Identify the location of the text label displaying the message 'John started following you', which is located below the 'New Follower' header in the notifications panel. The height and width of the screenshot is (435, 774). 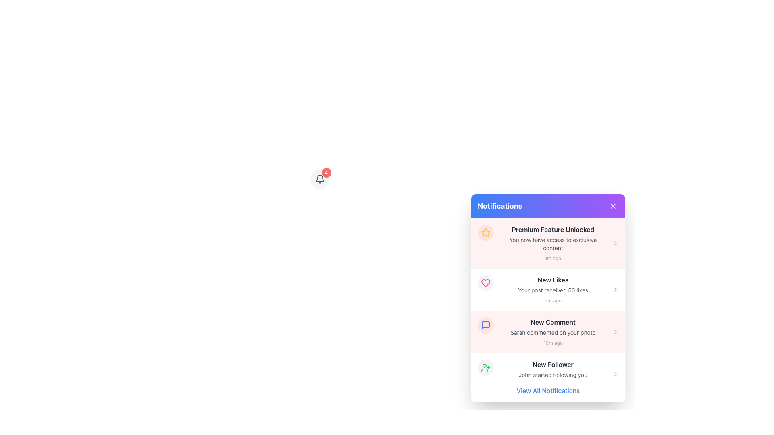
(553, 375).